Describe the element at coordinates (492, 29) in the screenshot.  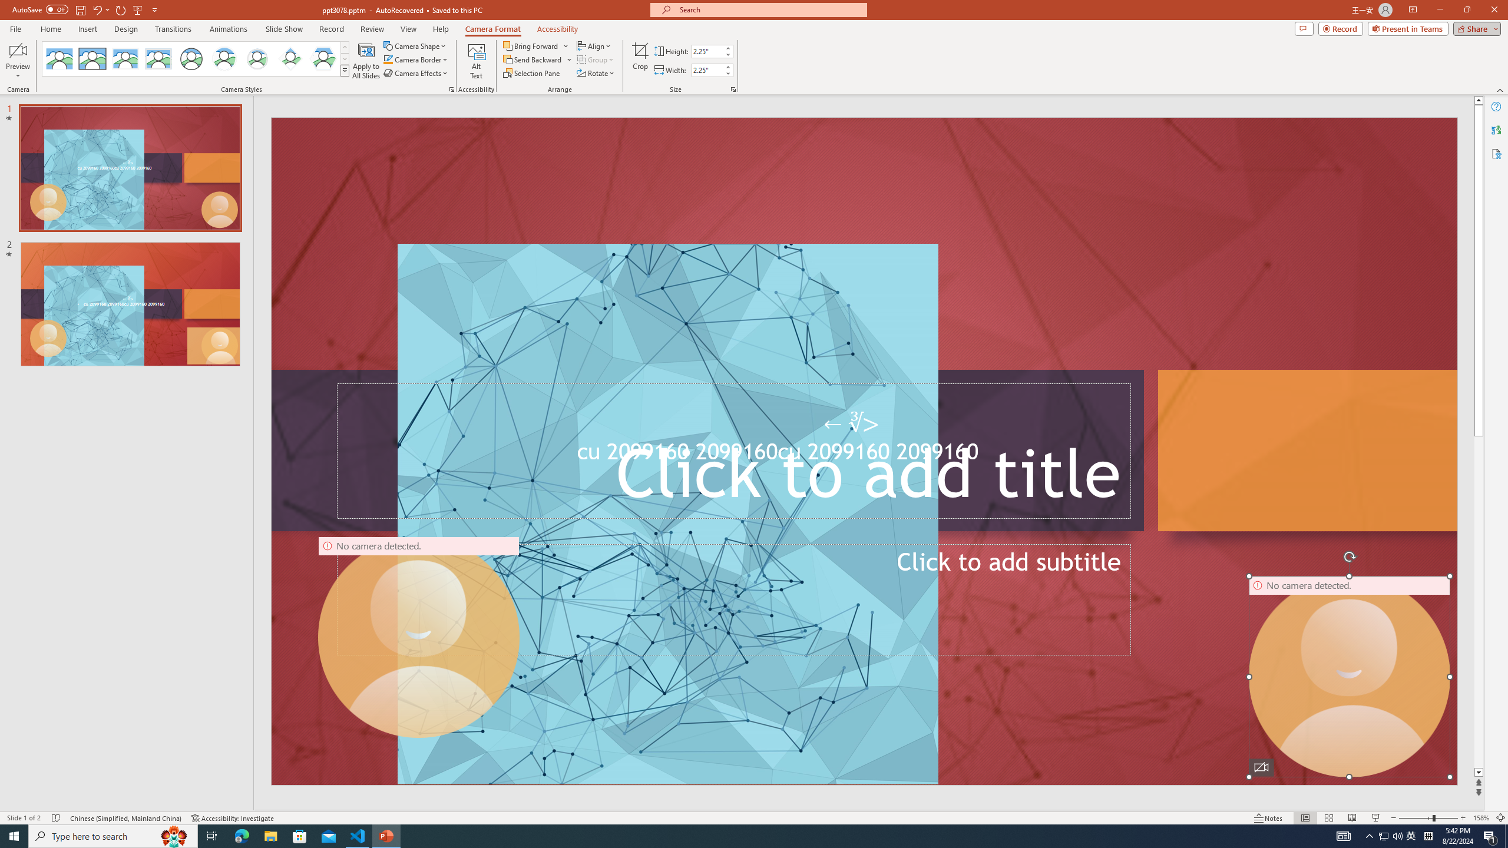
I see `'Camera Format'` at that location.